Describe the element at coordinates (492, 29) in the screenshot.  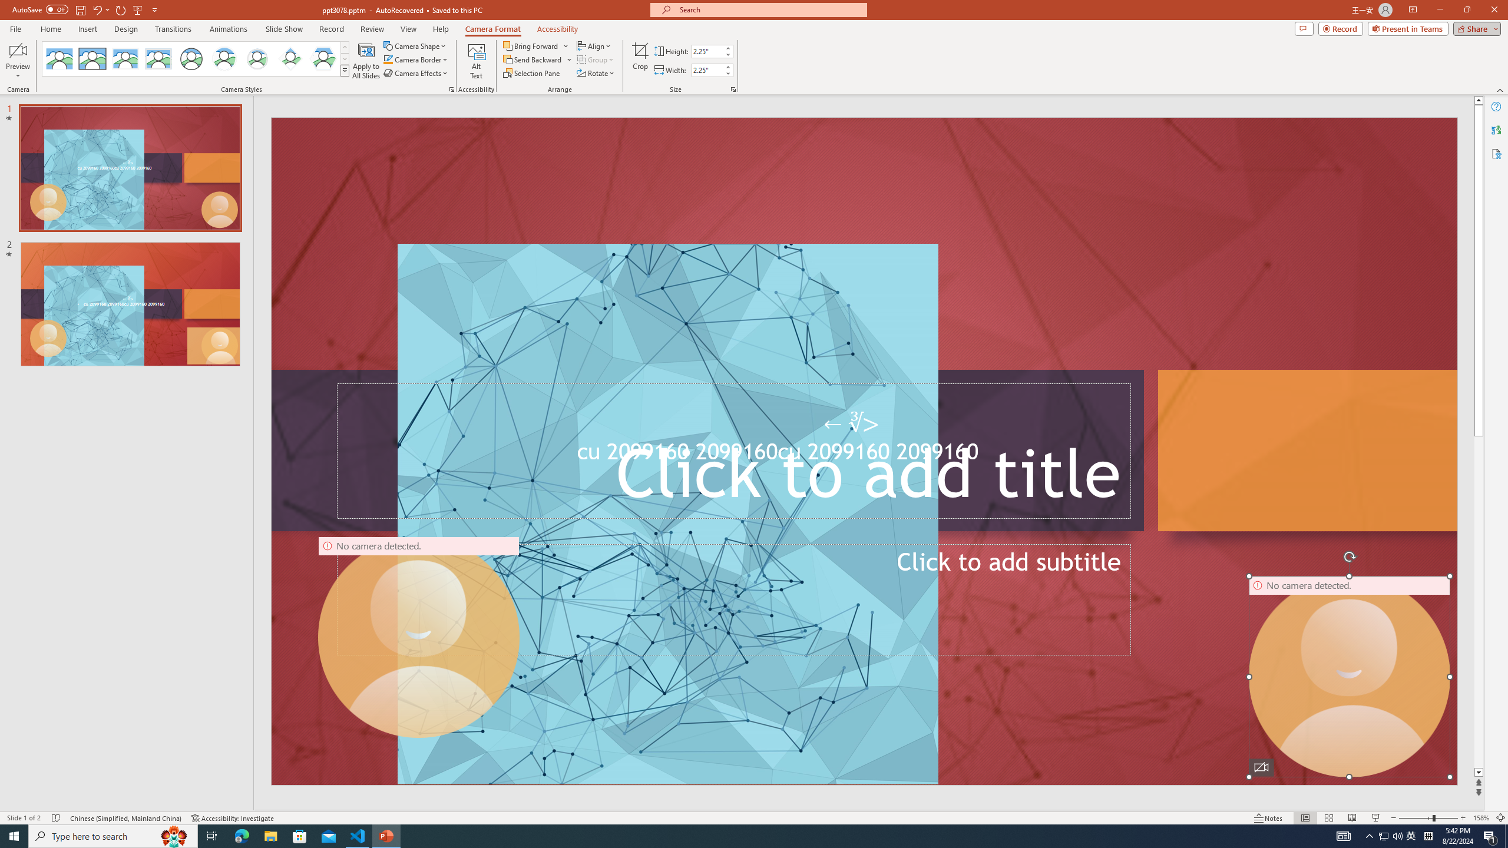
I see `'Camera Format'` at that location.